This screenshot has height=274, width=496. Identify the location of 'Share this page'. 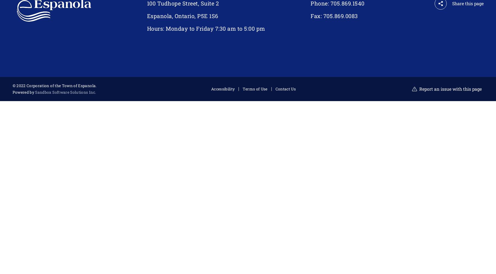
(468, 3).